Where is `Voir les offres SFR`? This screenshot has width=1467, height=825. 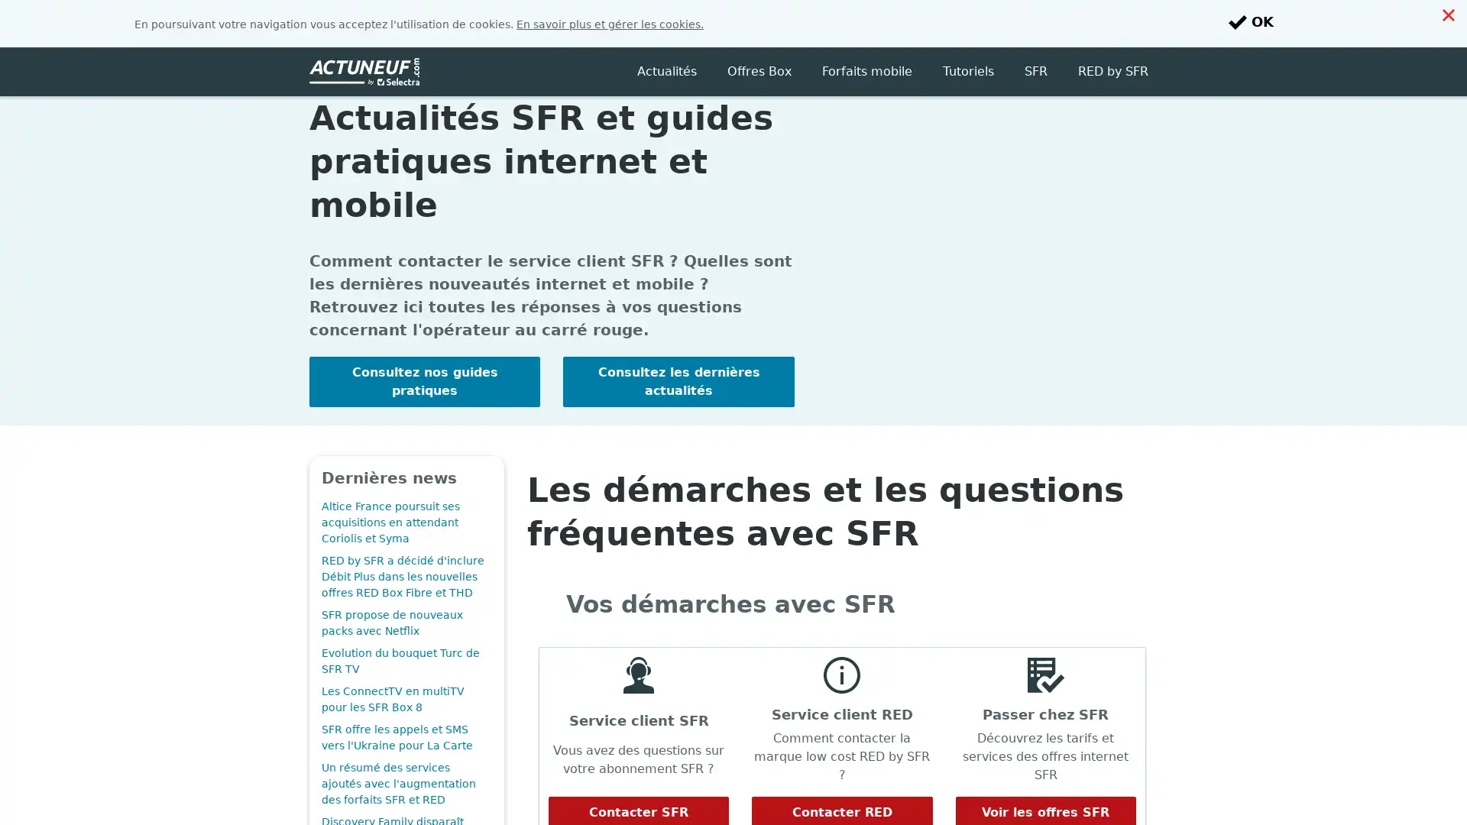
Voir les offres SFR is located at coordinates (1044, 765).